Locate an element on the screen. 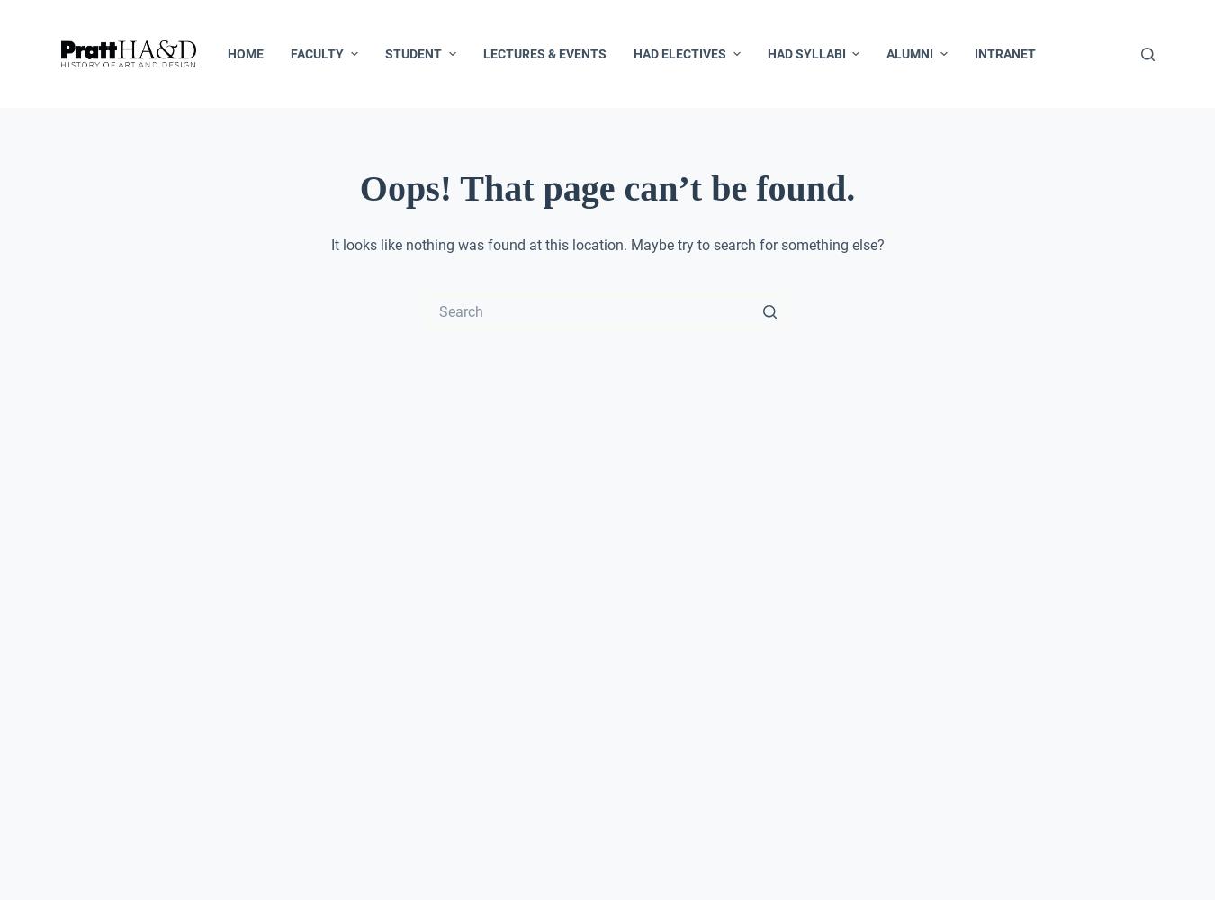 This screenshot has height=900, width=1215. 'HAD Department Calendar (FA23 – SP24)' is located at coordinates (391, 269).